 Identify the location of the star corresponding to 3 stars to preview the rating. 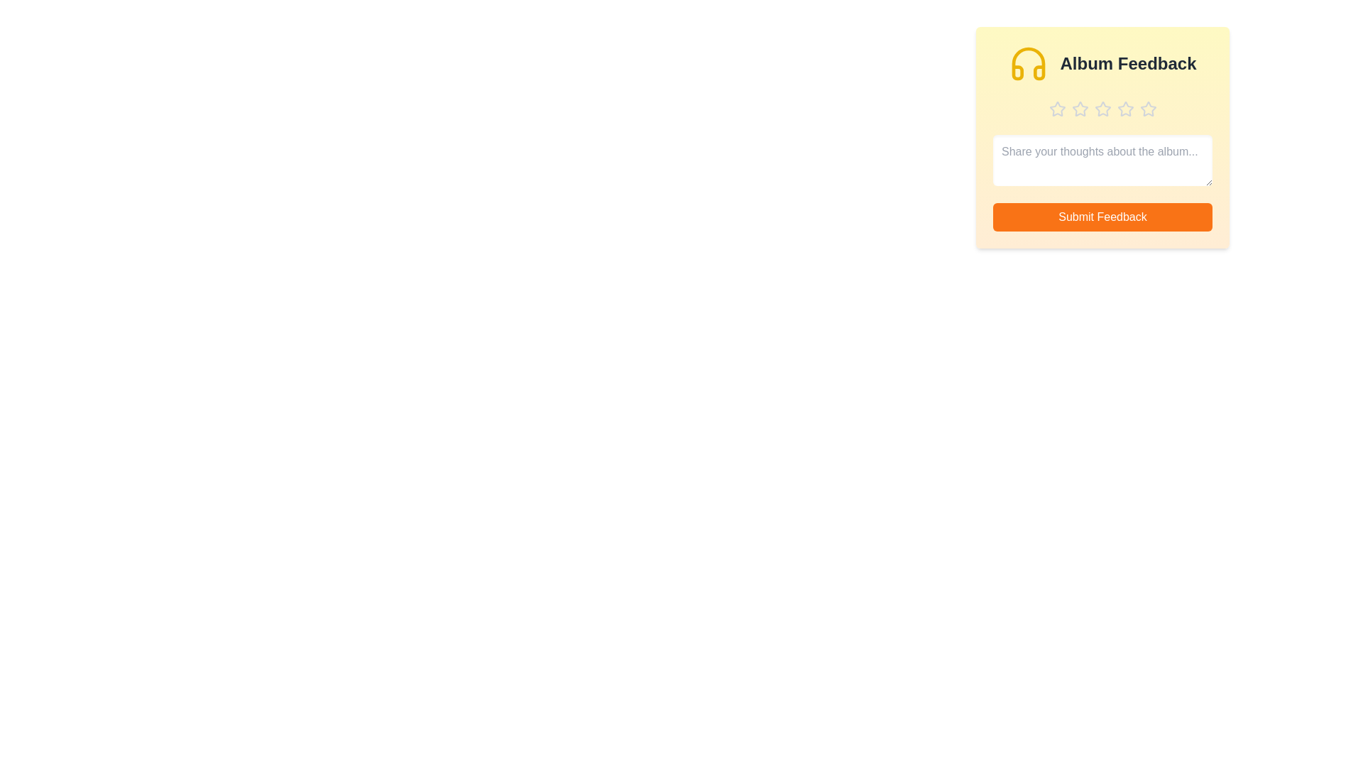
(1102, 109).